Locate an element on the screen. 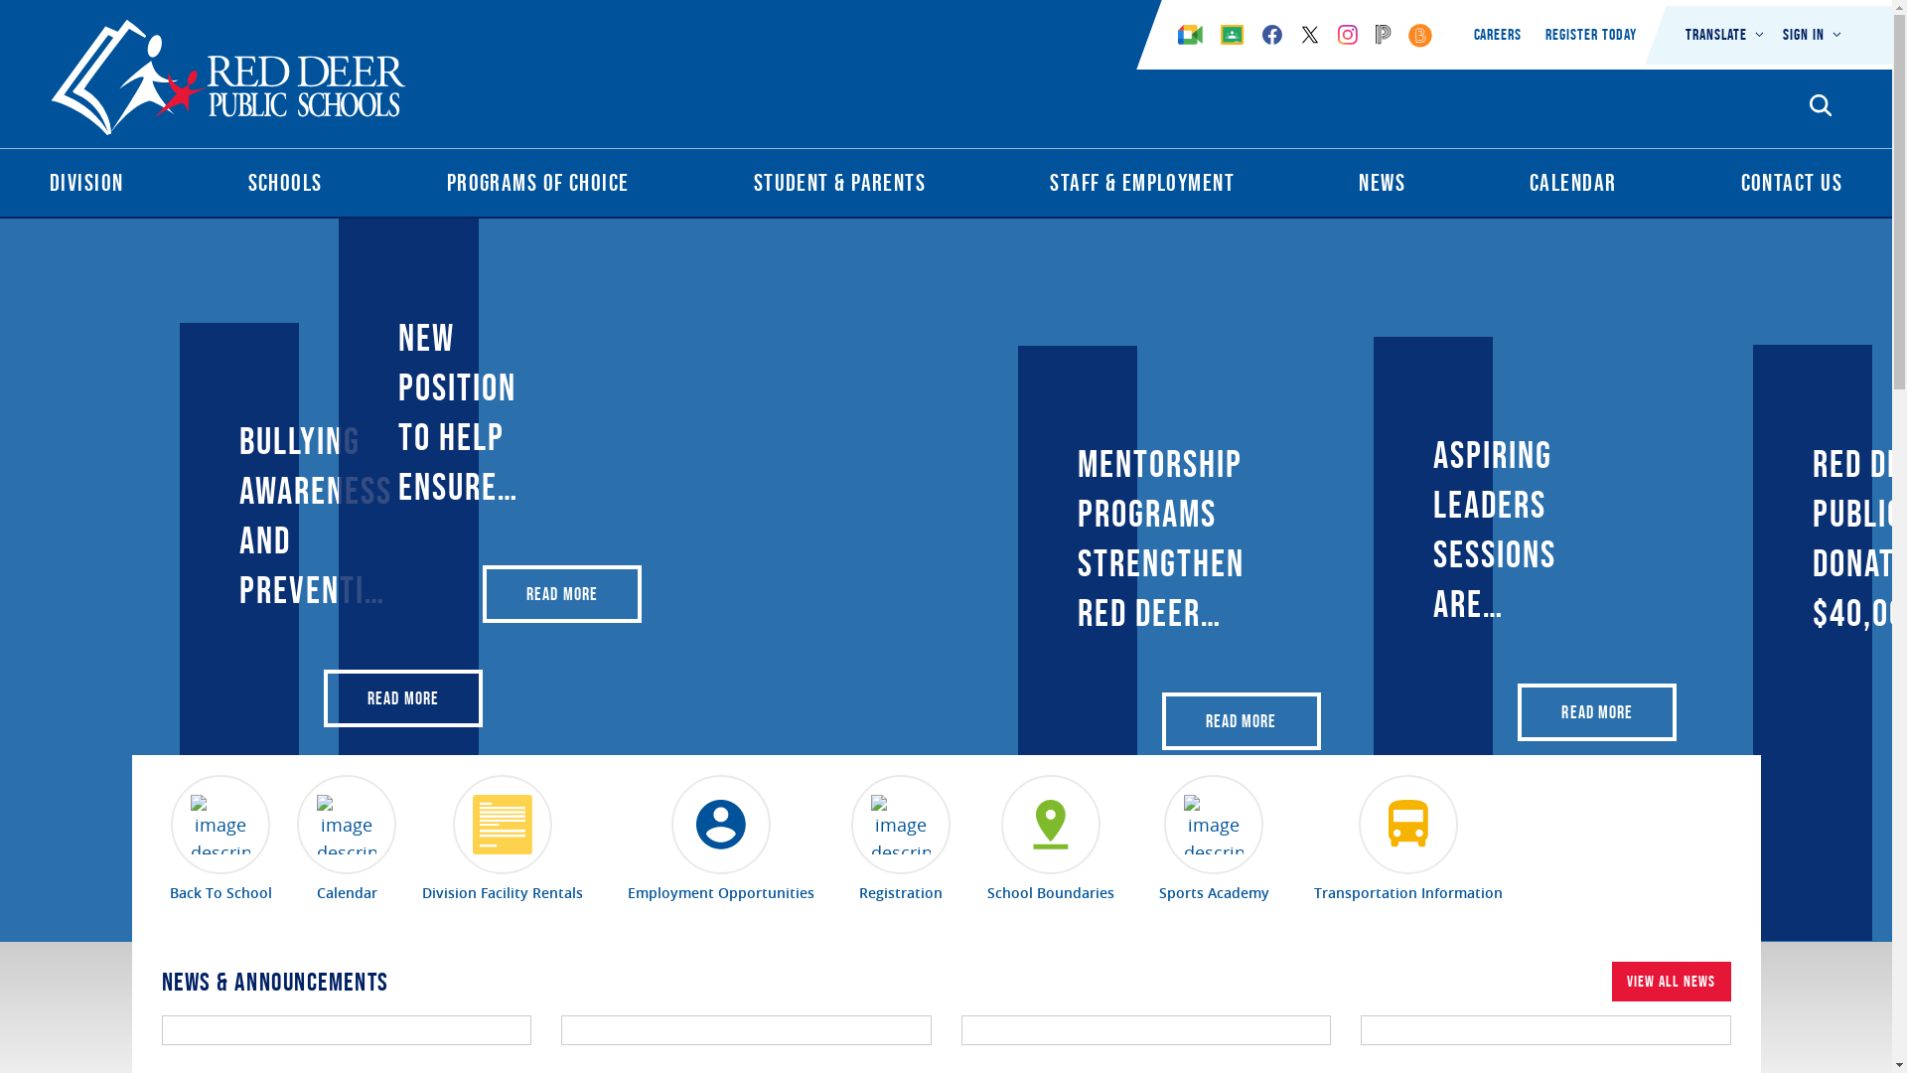 Image resolution: width=1907 pixels, height=1073 pixels. 'Register Today' is located at coordinates (1543, 34).